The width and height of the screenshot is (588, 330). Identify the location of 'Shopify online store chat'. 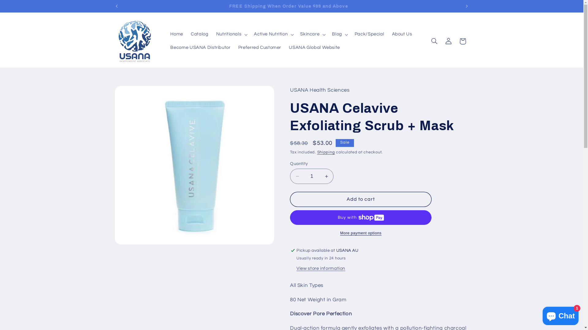
(560, 314).